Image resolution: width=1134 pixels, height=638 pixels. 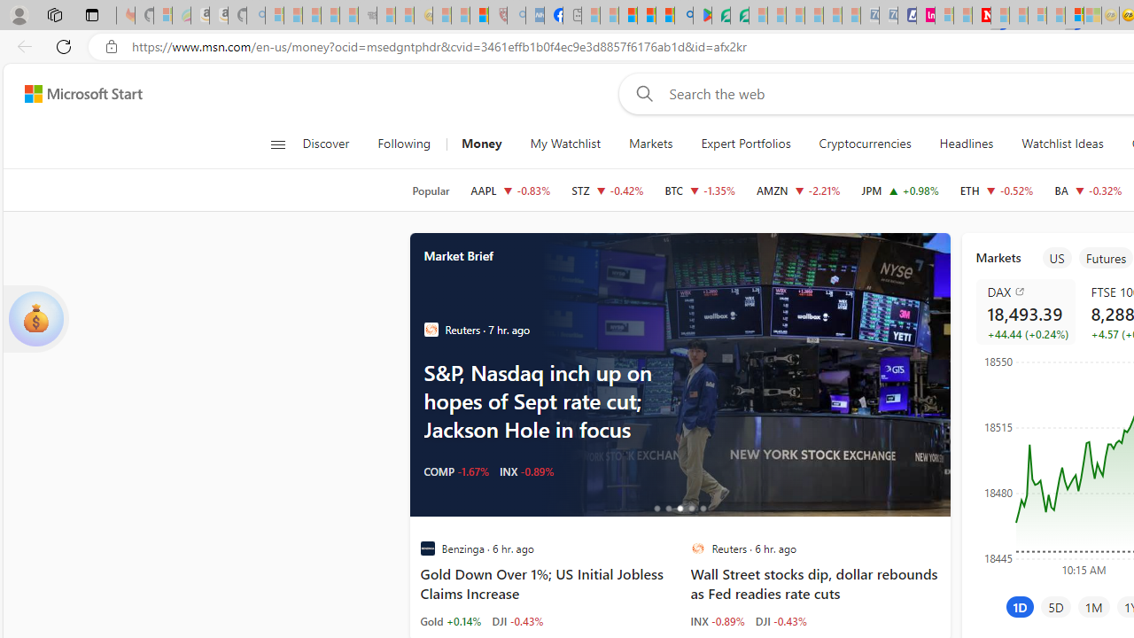 I want to click on 'Trusted Community Engagement and Contributions | Guidelines', so click(x=999, y=15).